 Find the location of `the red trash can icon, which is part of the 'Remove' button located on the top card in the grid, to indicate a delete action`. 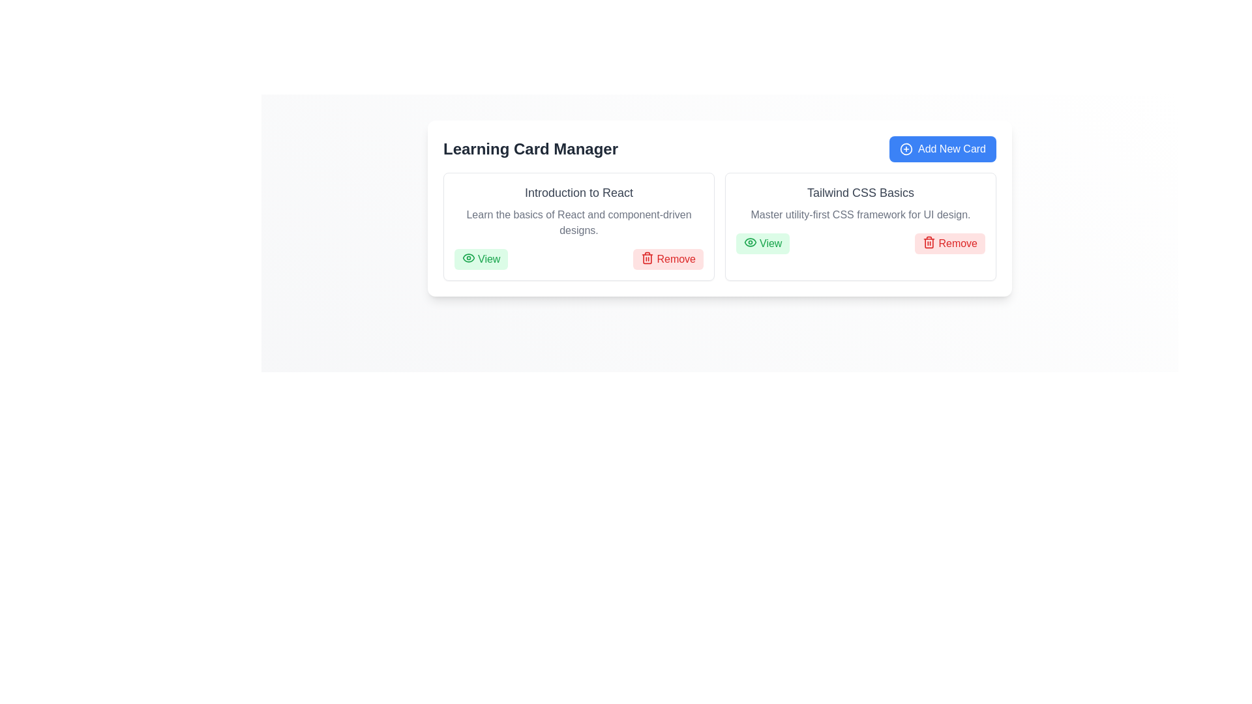

the red trash can icon, which is part of the 'Remove' button located on the top card in the grid, to indicate a delete action is located at coordinates (648, 258).